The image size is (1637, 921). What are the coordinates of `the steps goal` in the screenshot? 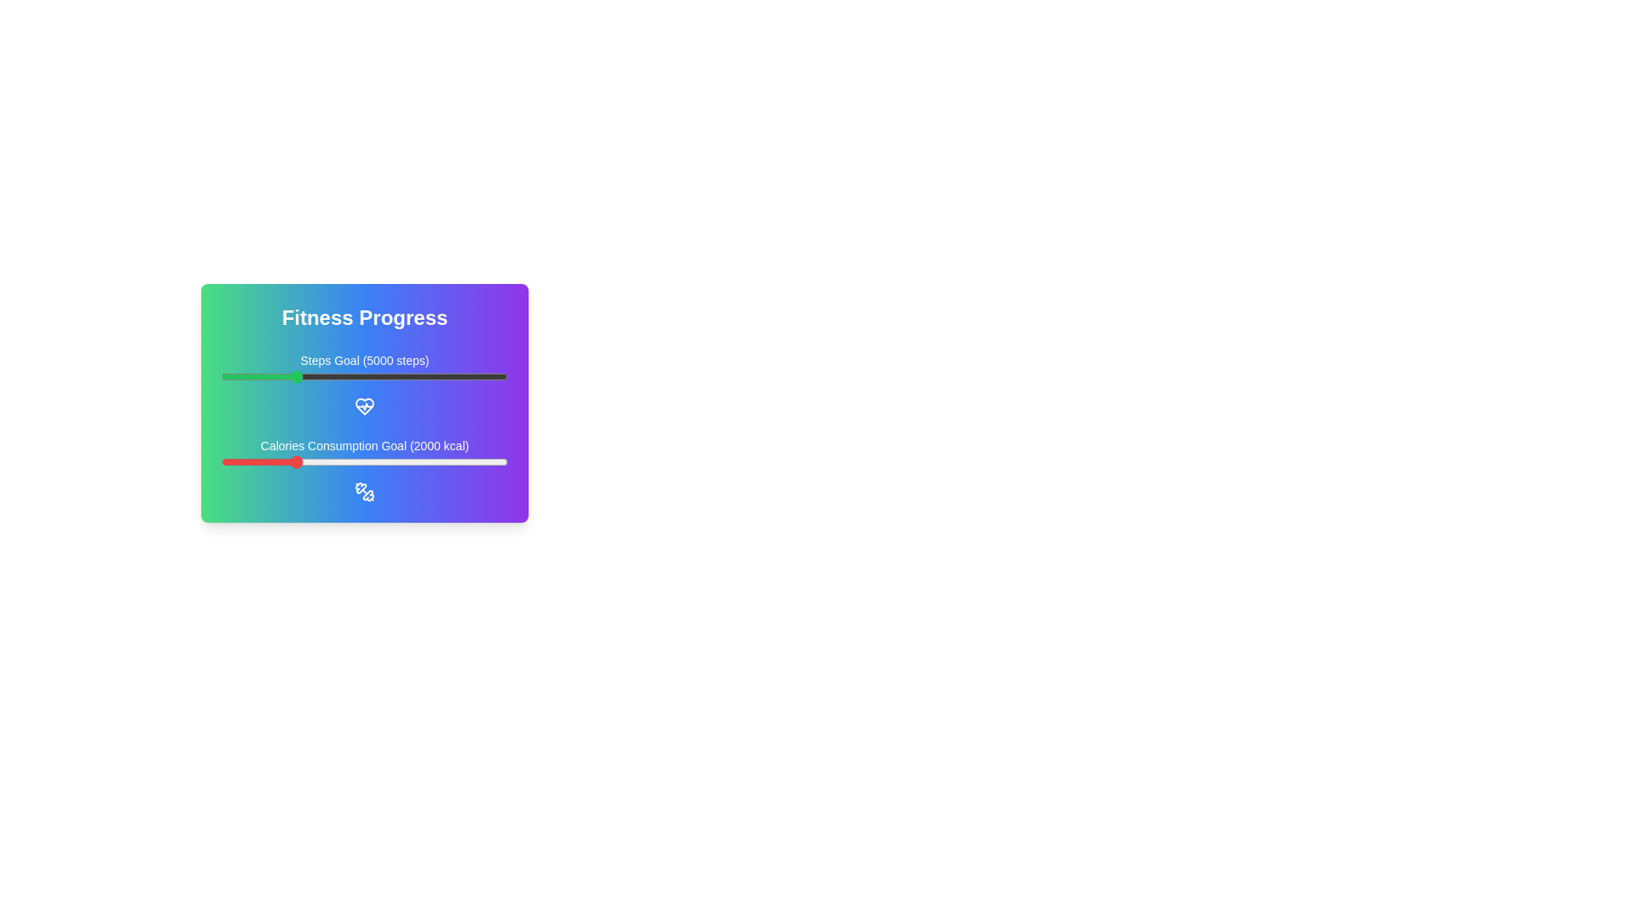 It's located at (484, 376).